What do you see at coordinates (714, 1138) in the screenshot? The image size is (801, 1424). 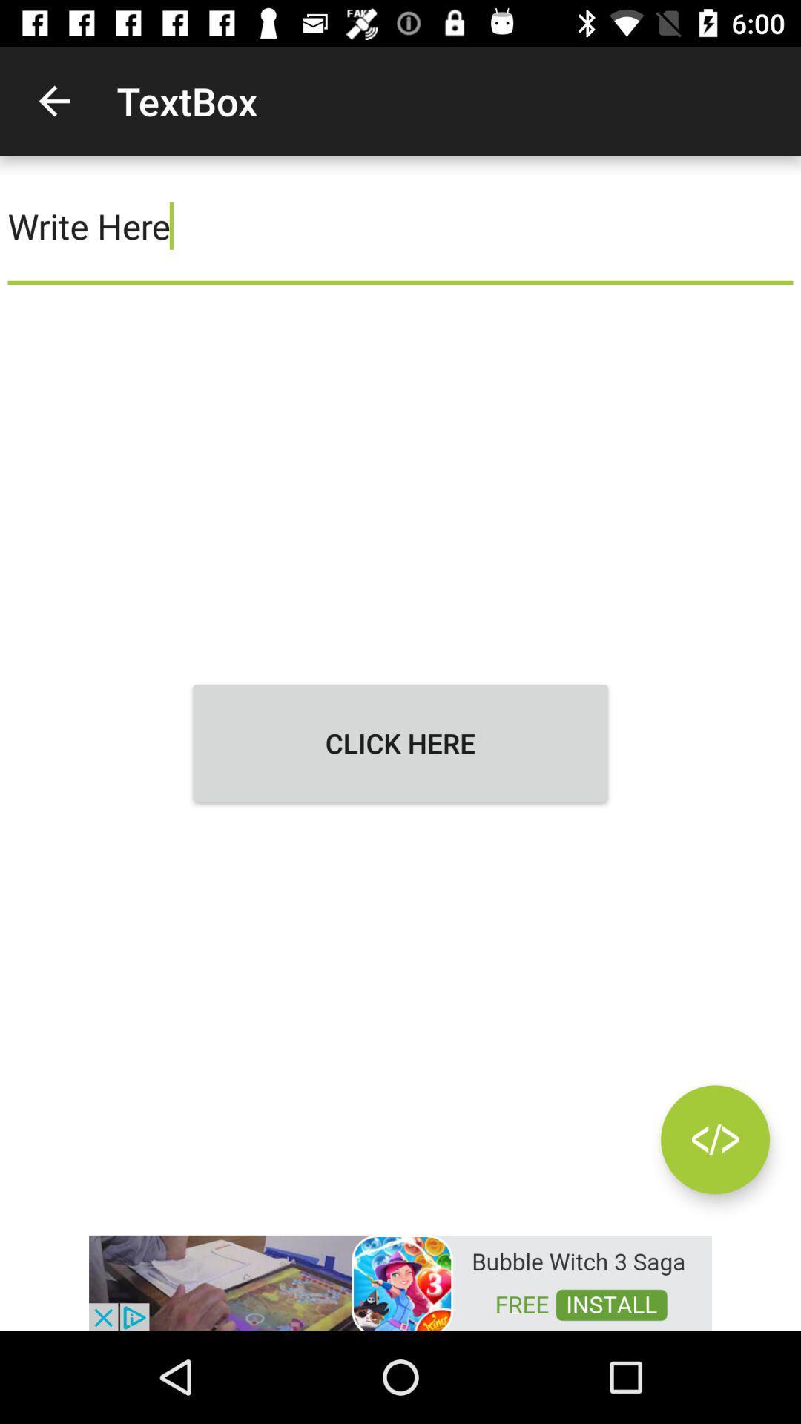 I see `message` at bounding box center [714, 1138].